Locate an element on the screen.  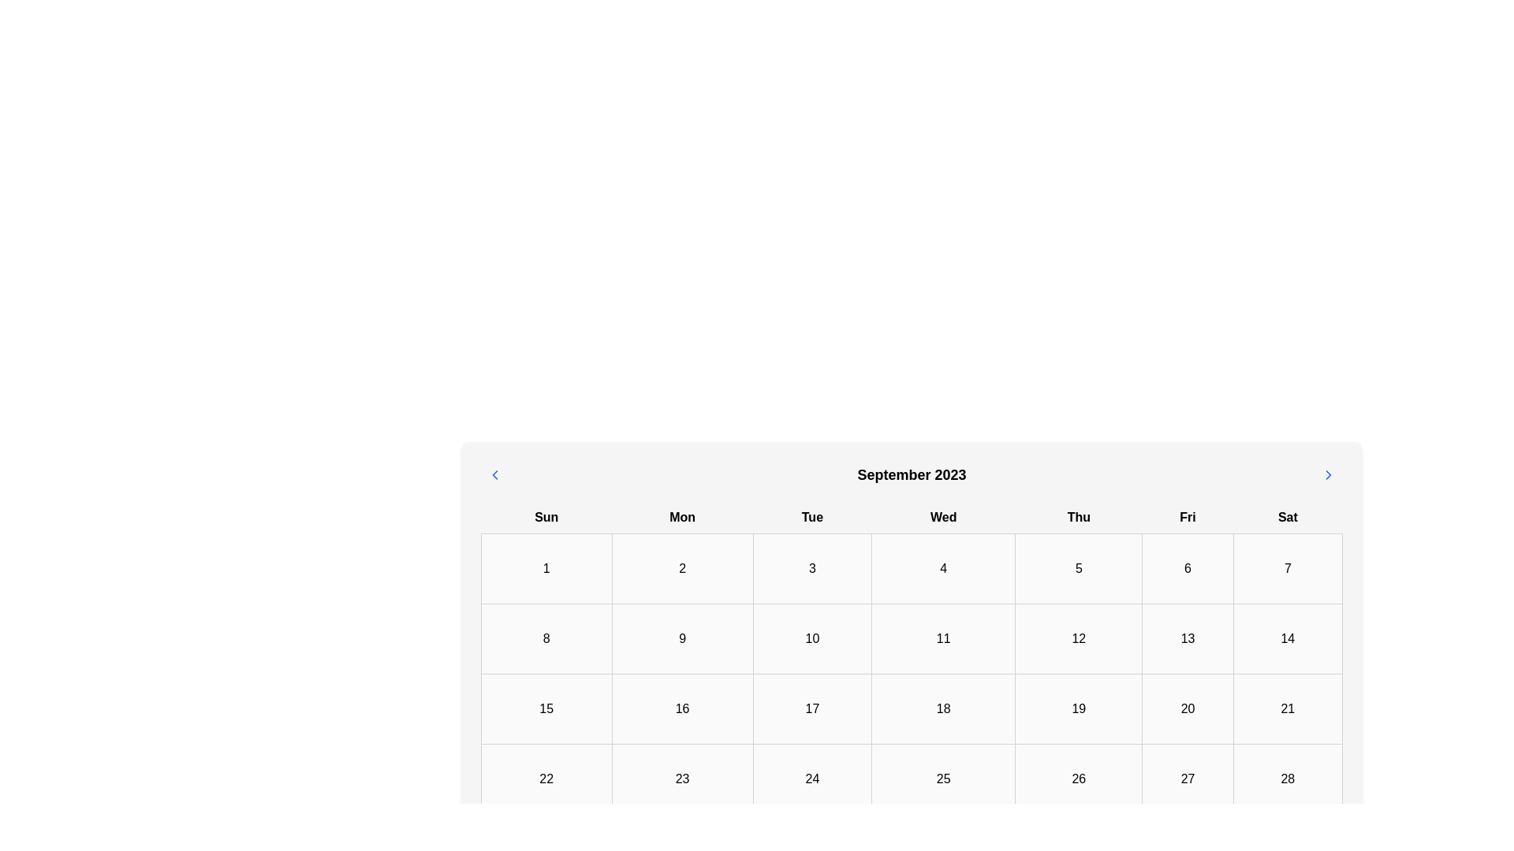
the small right-pointing blue arrow icon located on the far-right side of the calendar header is located at coordinates (1327, 474).